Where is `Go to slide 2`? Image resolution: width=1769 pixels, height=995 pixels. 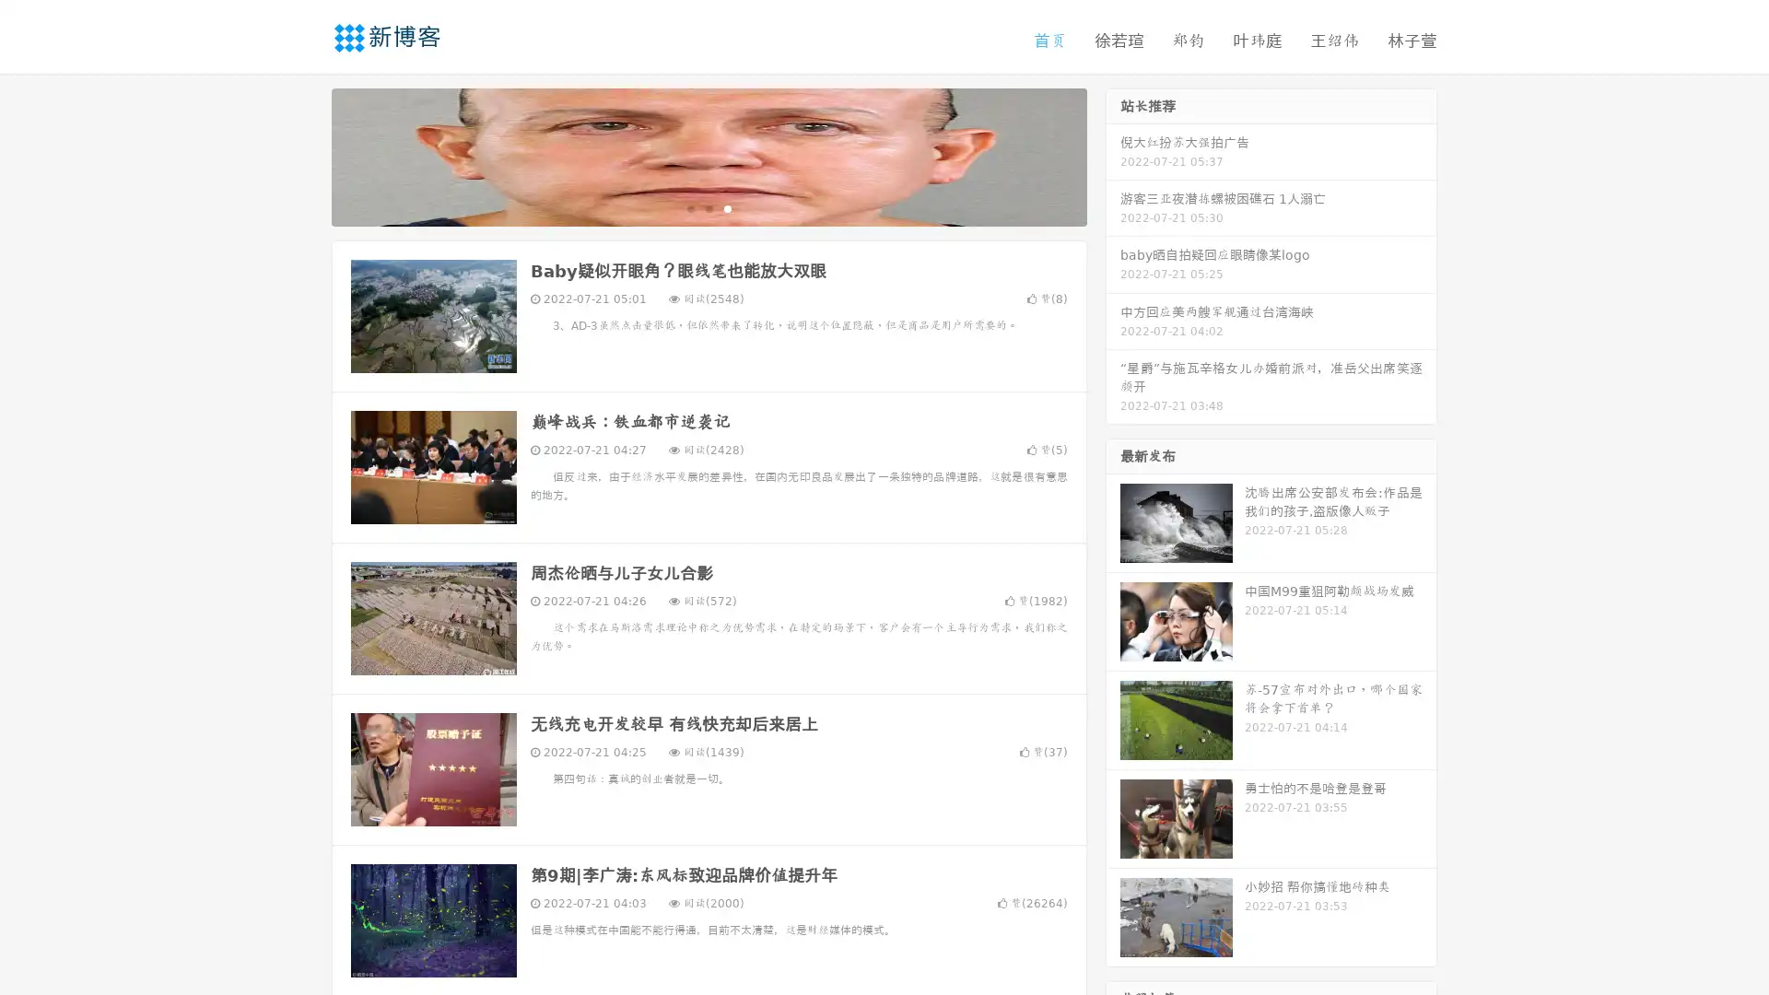
Go to slide 2 is located at coordinates (708, 207).